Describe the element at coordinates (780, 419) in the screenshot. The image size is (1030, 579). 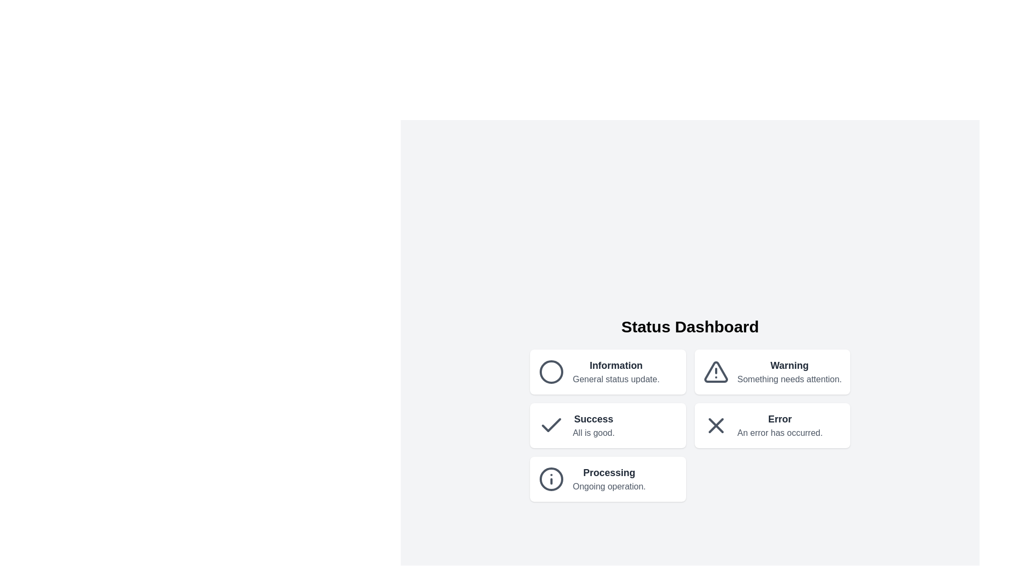
I see `the text label indicating an error condition located in the fourth box of a grid layout in the bottom right section, positioned above the subtitle 'An error has occurred.'` at that location.